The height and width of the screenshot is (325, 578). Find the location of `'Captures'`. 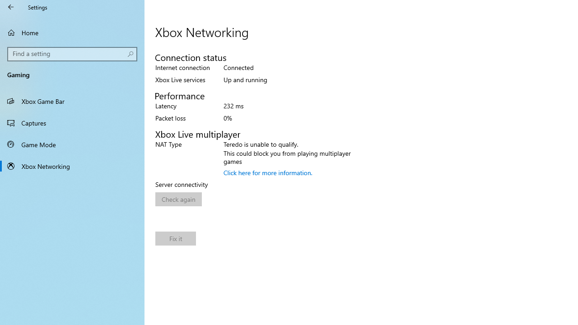

'Captures' is located at coordinates (72, 122).